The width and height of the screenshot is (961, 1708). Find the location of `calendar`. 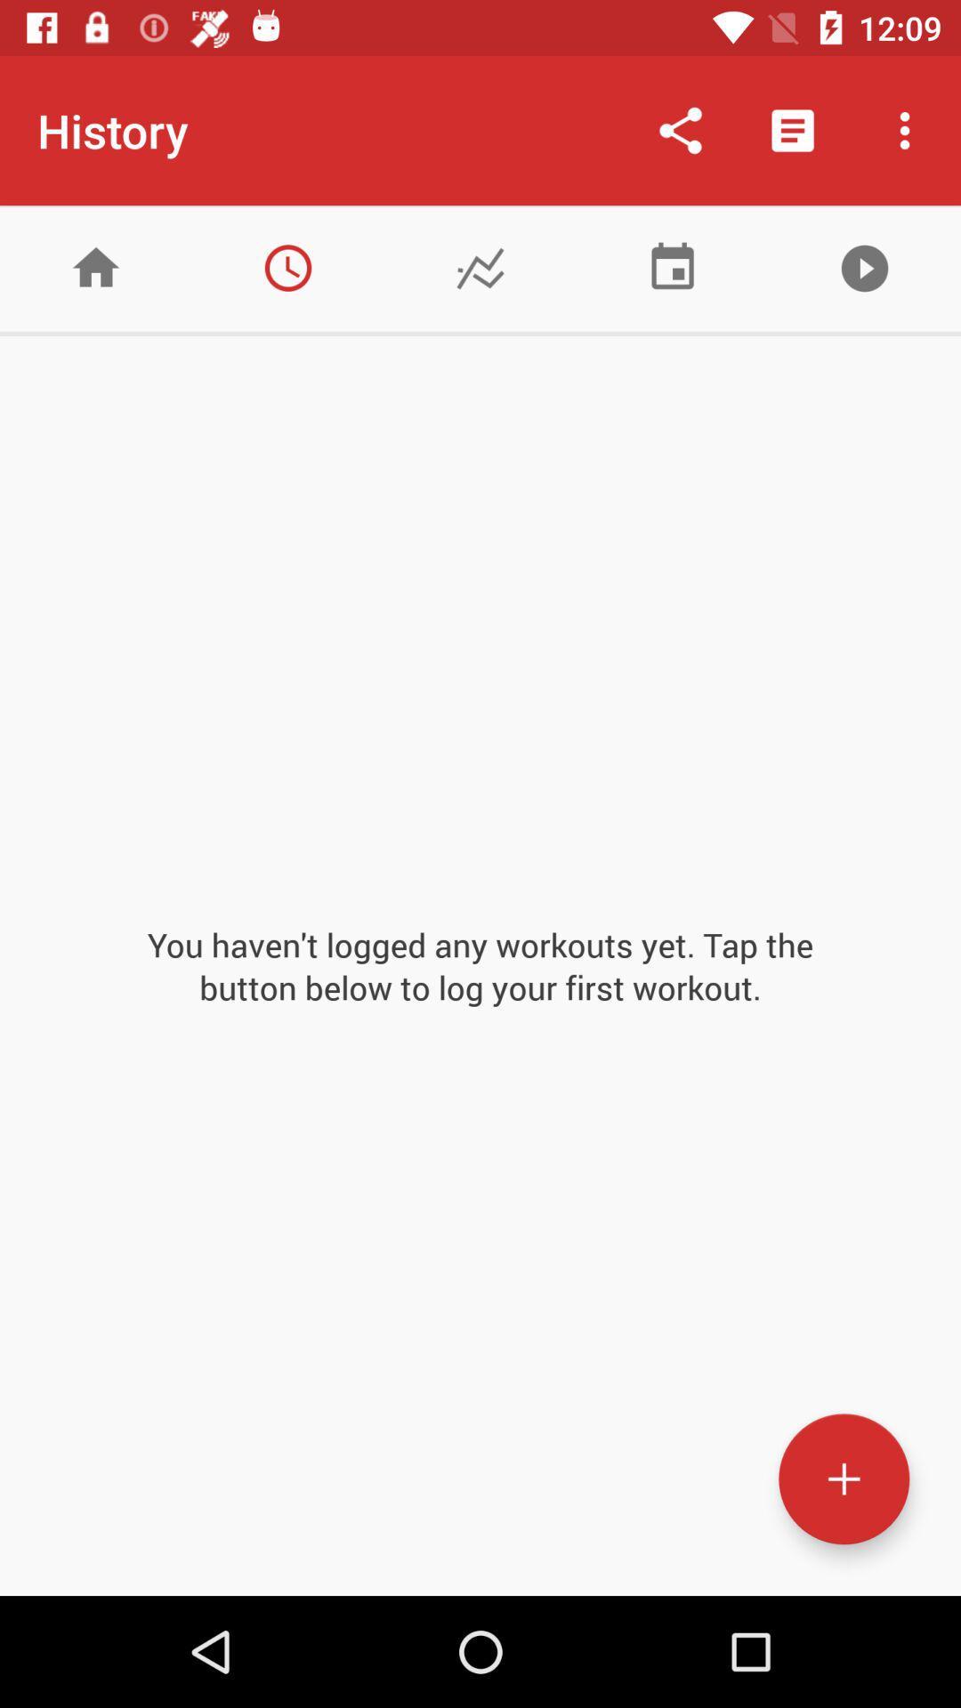

calendar is located at coordinates (673, 267).